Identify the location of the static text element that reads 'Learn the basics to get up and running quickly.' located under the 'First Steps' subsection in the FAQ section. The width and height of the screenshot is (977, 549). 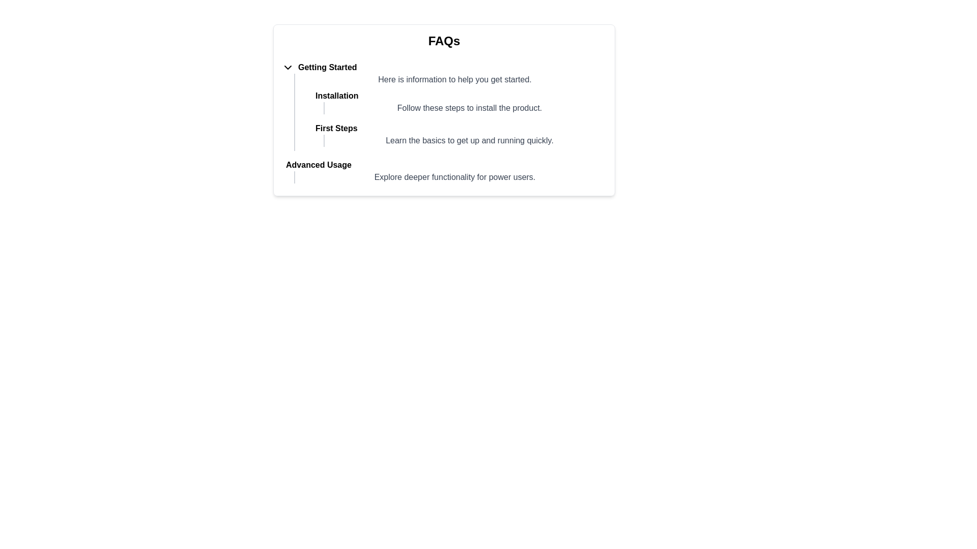
(469, 141).